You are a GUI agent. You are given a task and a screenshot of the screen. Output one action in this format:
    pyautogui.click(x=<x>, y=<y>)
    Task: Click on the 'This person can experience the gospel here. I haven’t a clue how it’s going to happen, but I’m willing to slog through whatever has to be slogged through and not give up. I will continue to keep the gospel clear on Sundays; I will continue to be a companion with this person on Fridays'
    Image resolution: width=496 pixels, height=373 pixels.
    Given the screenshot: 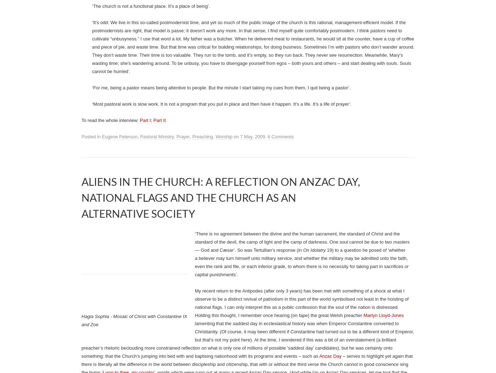 What is the action you would take?
    pyautogui.click(x=253, y=103)
    